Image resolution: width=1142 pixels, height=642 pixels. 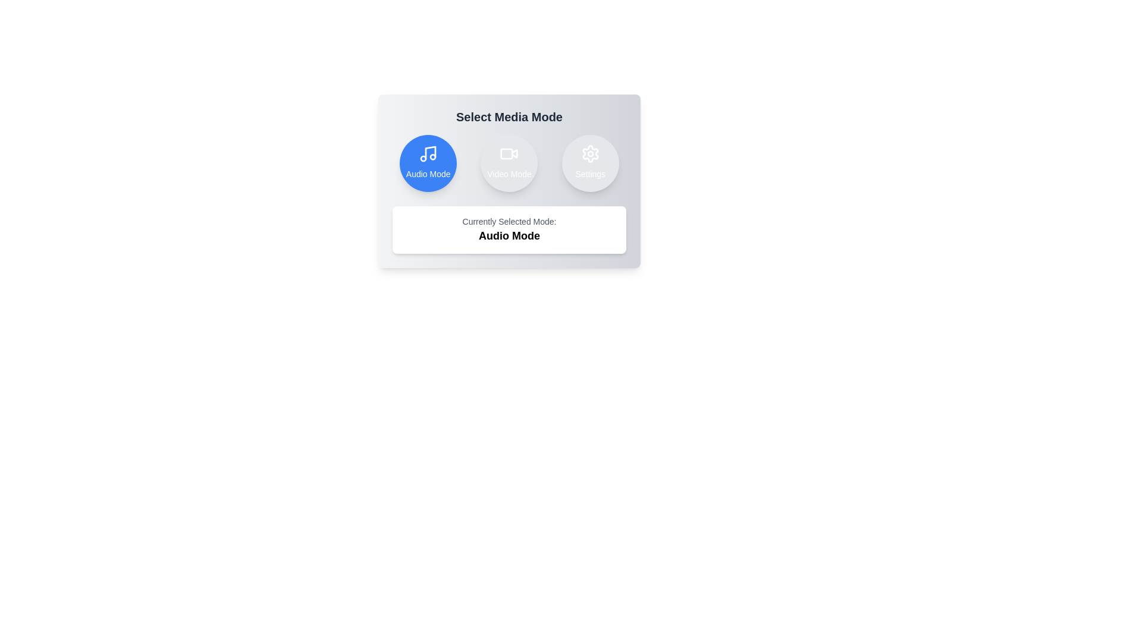 I want to click on the Video mode by clicking the respective button, so click(x=509, y=163).